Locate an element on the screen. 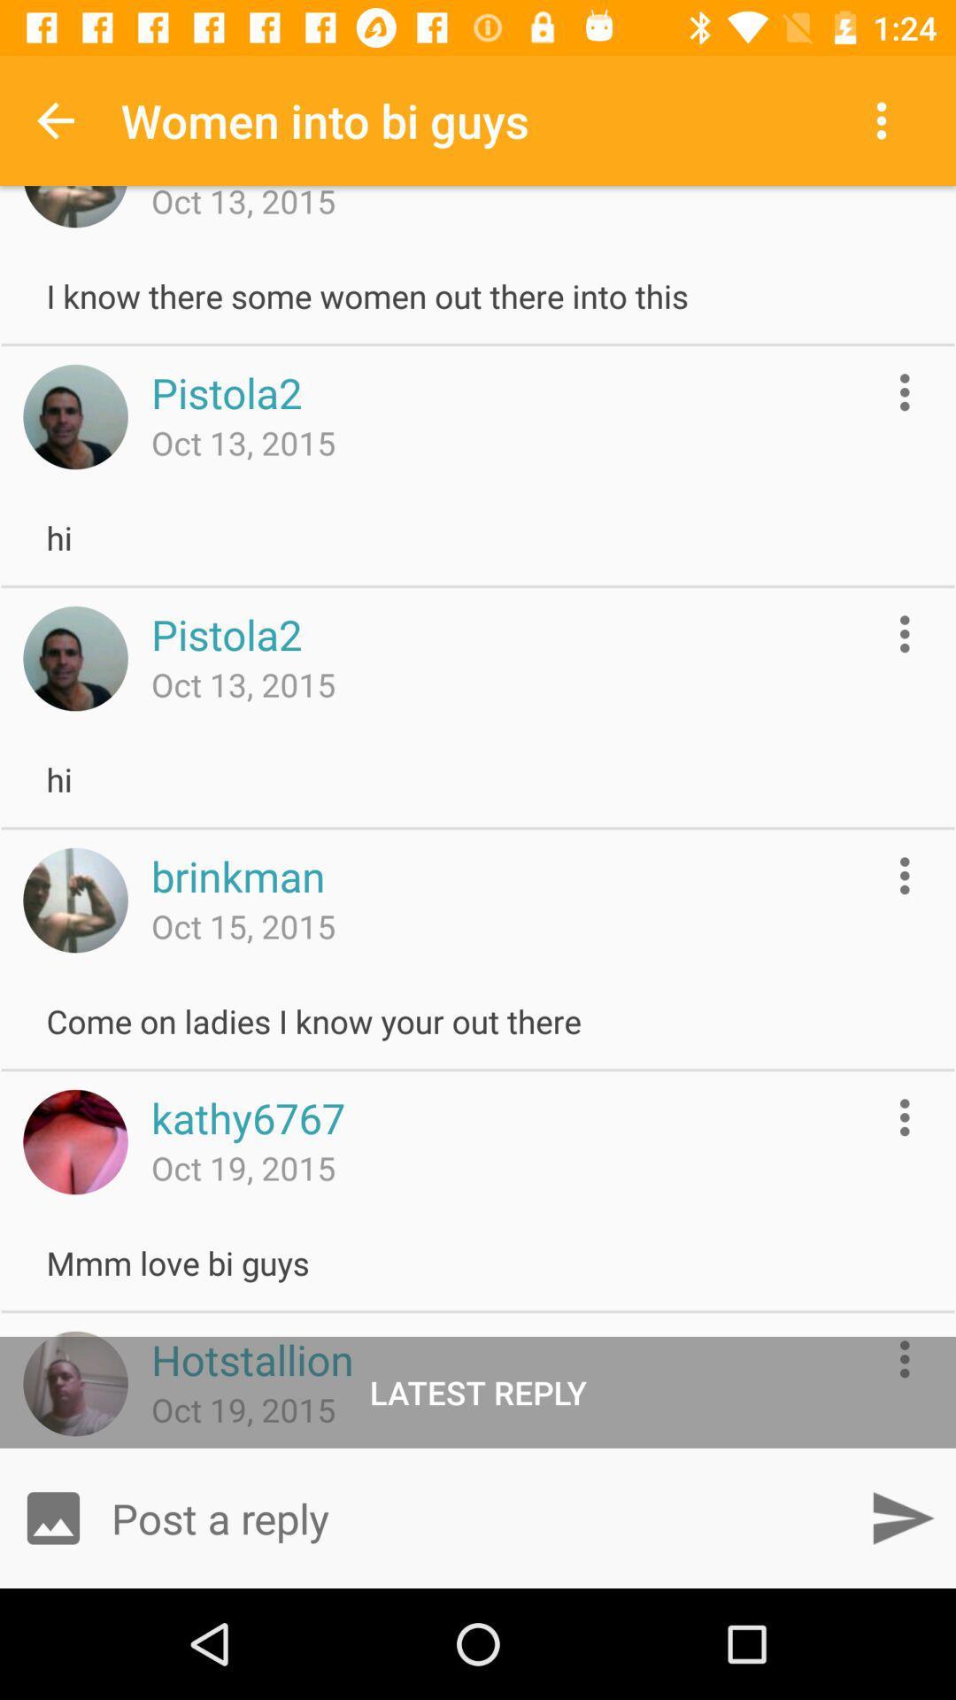  the kathy6767 is located at coordinates (248, 1117).